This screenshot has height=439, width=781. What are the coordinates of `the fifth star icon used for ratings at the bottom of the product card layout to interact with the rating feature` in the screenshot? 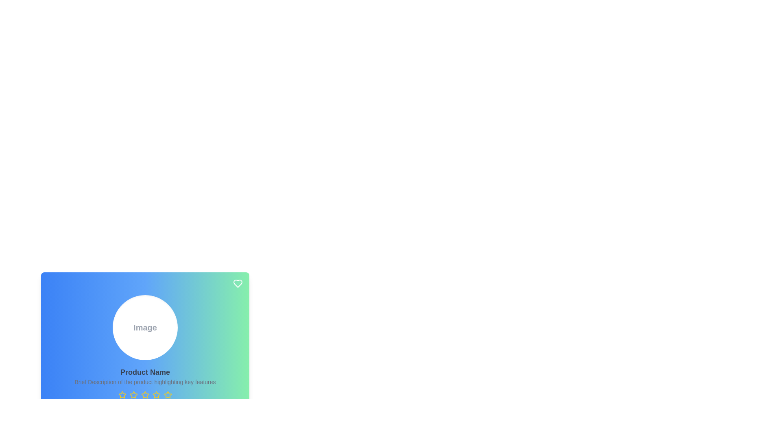 It's located at (167, 395).